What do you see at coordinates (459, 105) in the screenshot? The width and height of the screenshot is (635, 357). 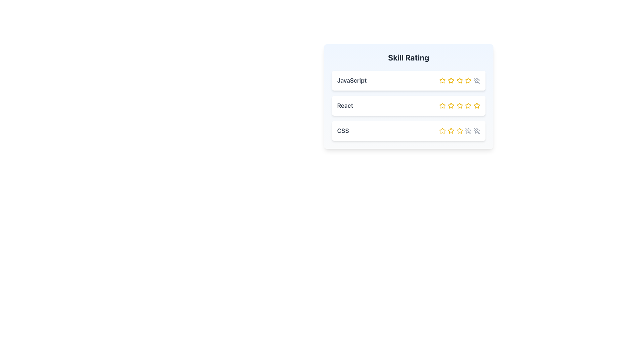 I see `the central star of the rating stars in the second row of the 'React' list to set a rating` at bounding box center [459, 105].